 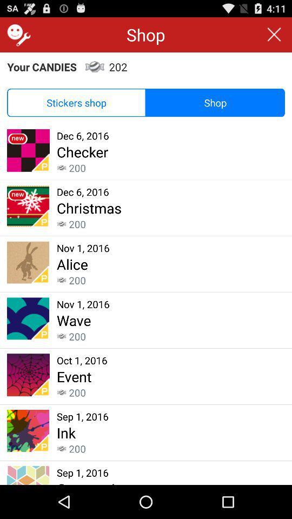 I want to click on the item above shop icon, so click(x=274, y=35).